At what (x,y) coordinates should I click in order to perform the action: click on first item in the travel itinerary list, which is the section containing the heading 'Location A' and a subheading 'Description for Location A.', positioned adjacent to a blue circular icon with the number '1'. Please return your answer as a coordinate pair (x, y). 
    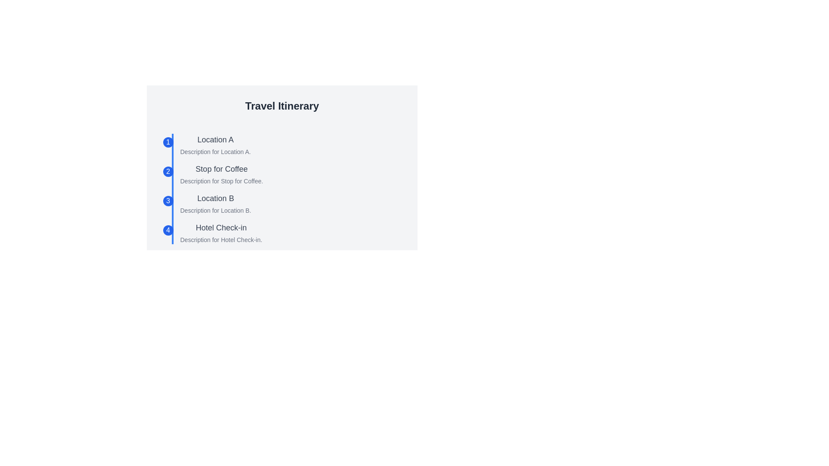
    Looking at the image, I should click on (283, 144).